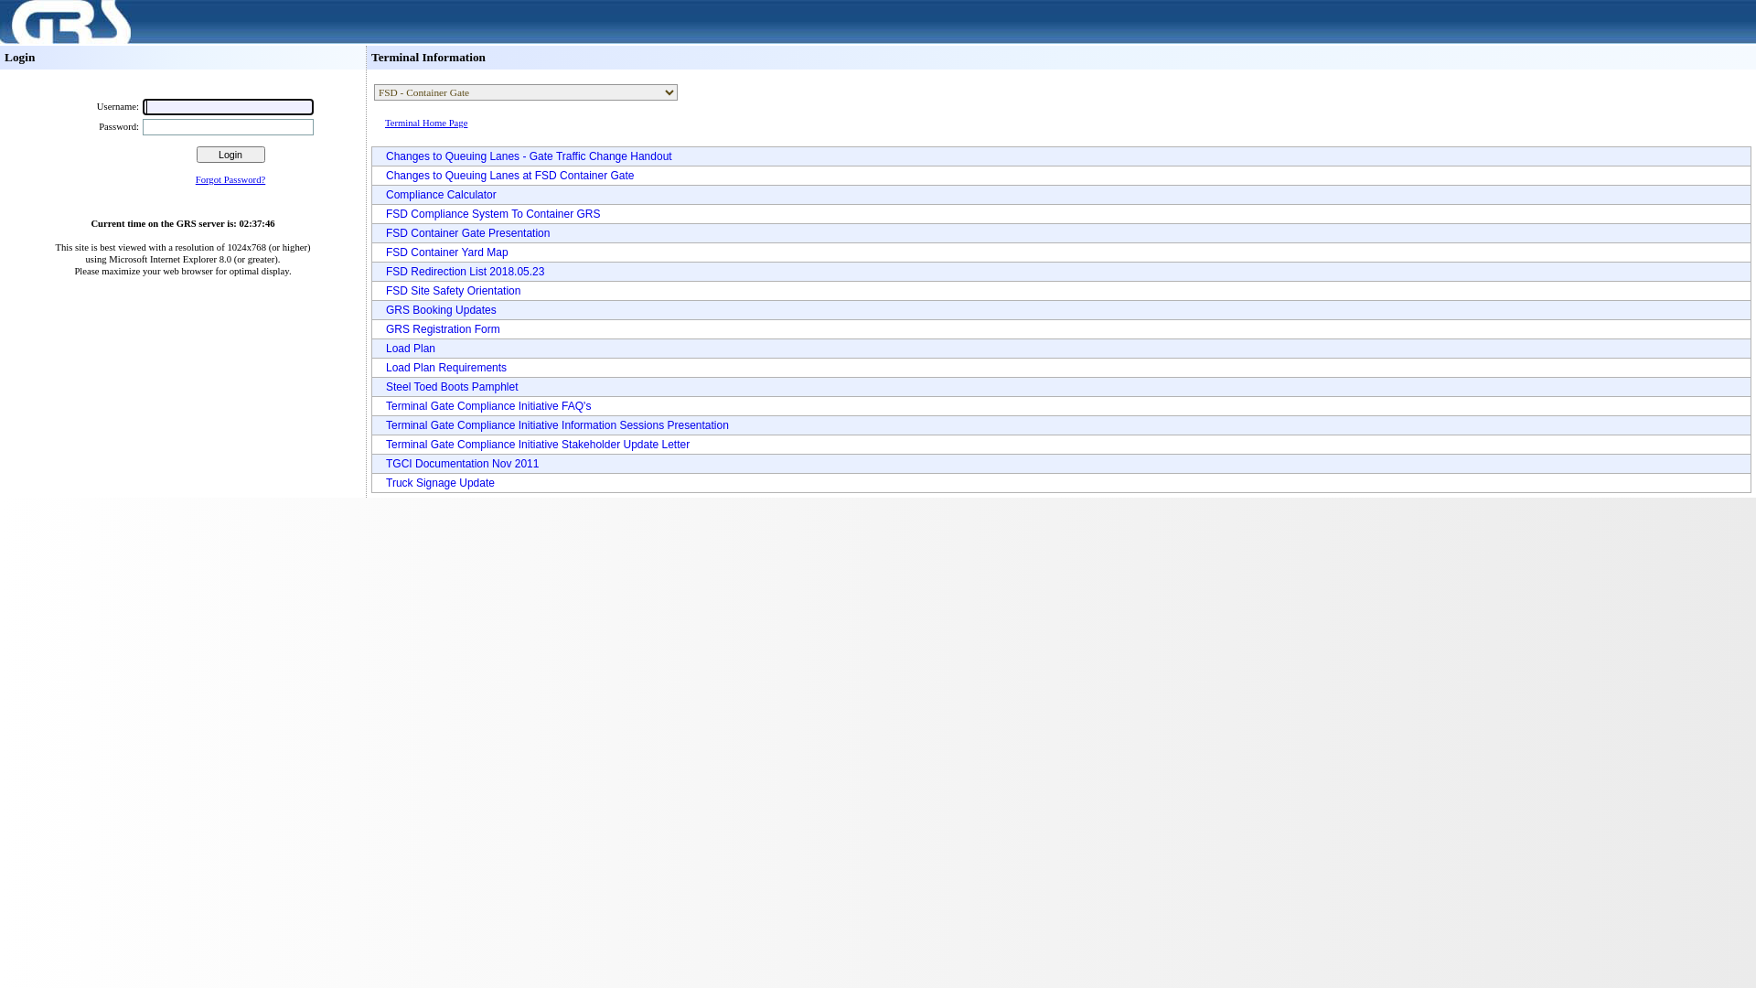  I want to click on 'Truck Signage Update', so click(434, 482).